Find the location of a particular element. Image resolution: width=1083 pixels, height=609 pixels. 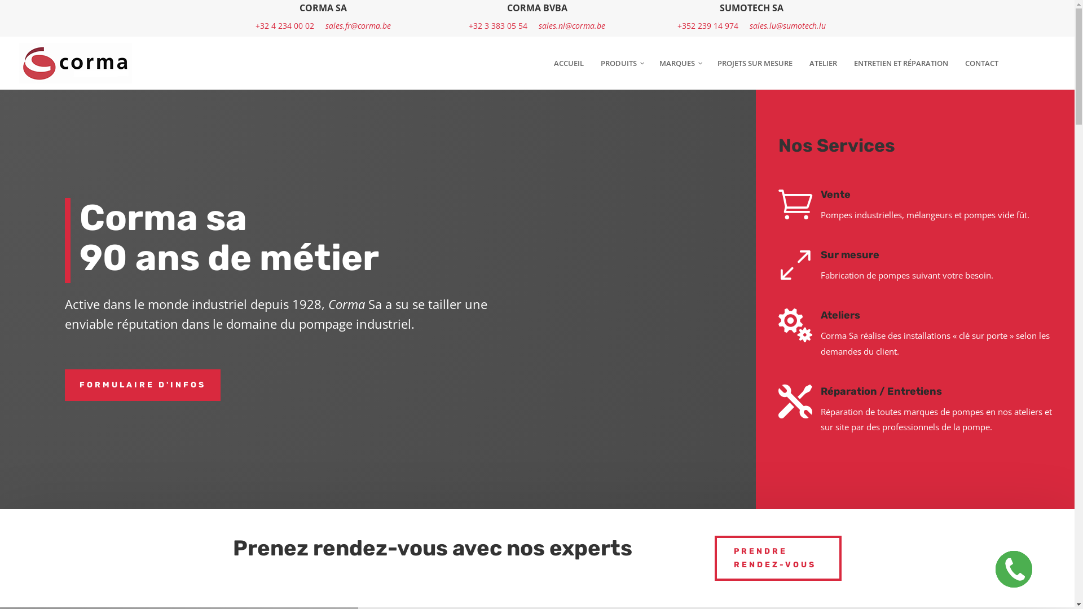

'Ateliers' is located at coordinates (840, 315).